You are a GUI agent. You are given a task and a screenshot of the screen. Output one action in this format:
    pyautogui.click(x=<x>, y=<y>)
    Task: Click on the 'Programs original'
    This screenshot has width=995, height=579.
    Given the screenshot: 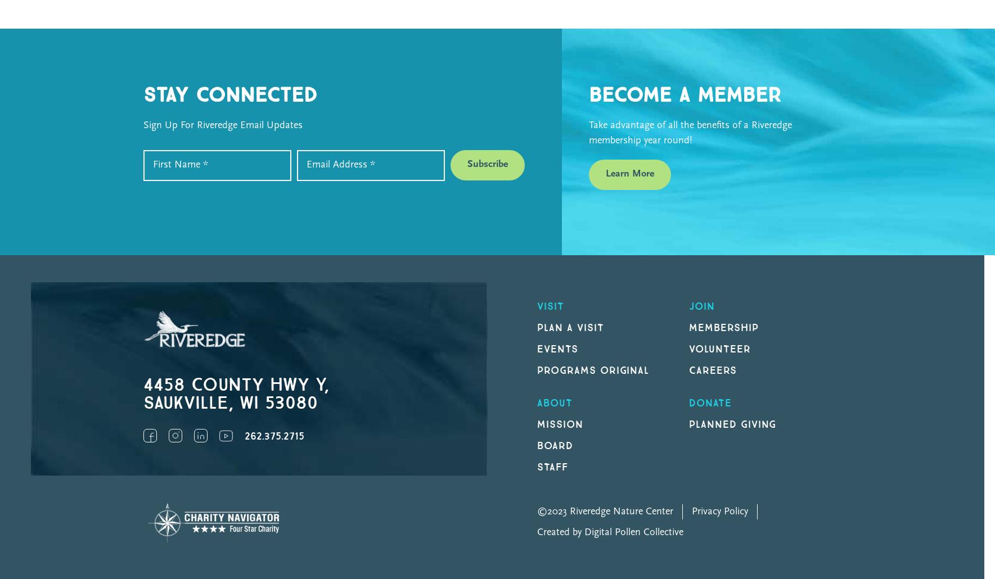 What is the action you would take?
    pyautogui.click(x=593, y=369)
    